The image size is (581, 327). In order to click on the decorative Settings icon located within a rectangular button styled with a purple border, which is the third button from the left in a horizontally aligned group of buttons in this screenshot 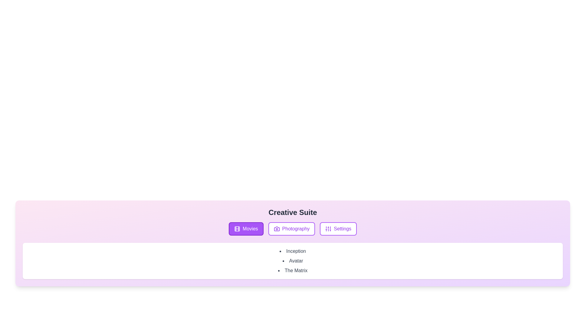, I will do `click(328, 229)`.